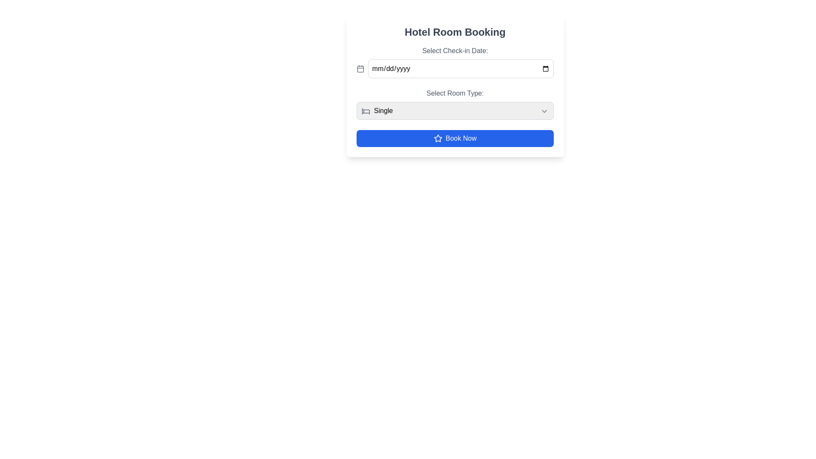 This screenshot has height=459, width=816. What do you see at coordinates (460, 68) in the screenshot?
I see `a date using the date picker in the 'Select Check-in Date' input field, which is centrally positioned in the hotel room booking form` at bounding box center [460, 68].